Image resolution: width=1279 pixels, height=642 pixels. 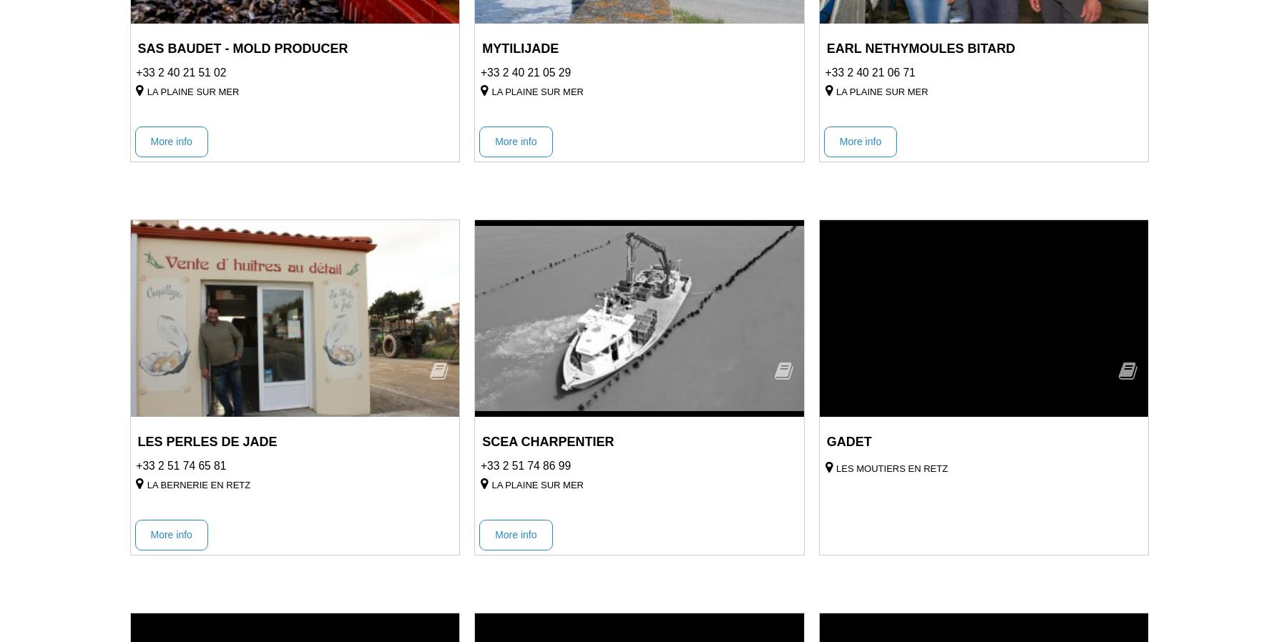 What do you see at coordinates (835, 467) in the screenshot?
I see `'LES MOUTIERS EN RETZ'` at bounding box center [835, 467].